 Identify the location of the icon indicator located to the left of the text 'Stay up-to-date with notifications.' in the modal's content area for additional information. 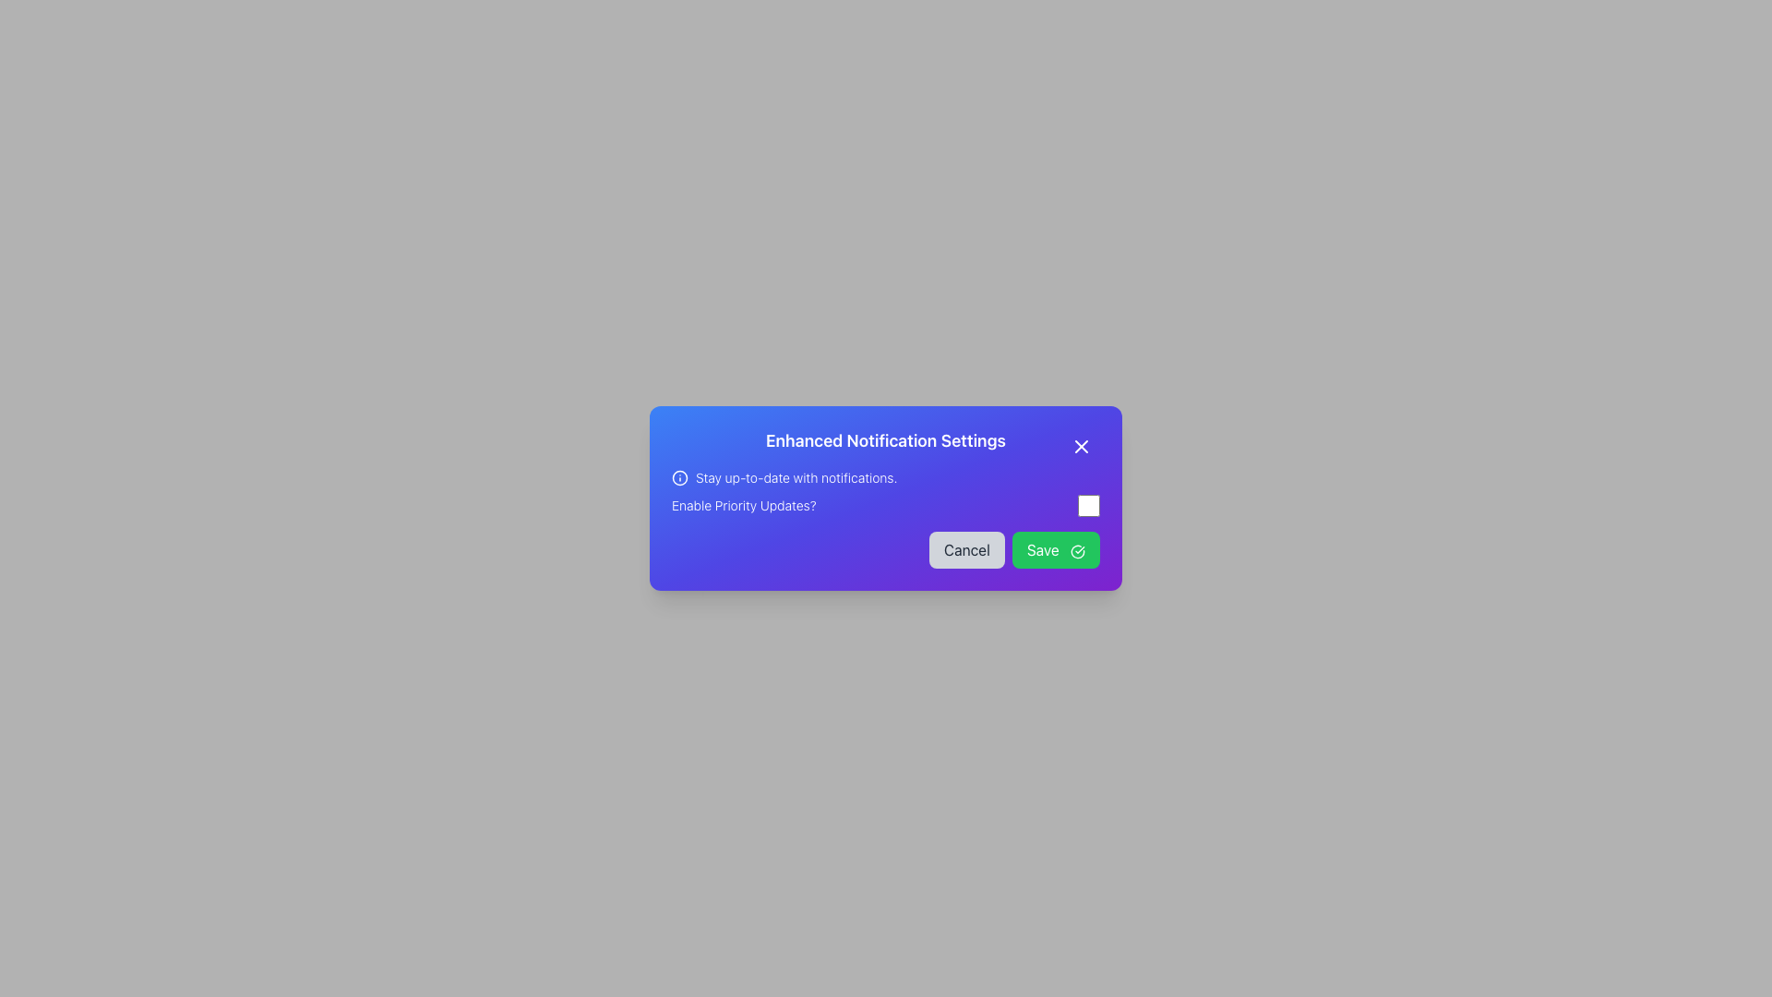
(679, 476).